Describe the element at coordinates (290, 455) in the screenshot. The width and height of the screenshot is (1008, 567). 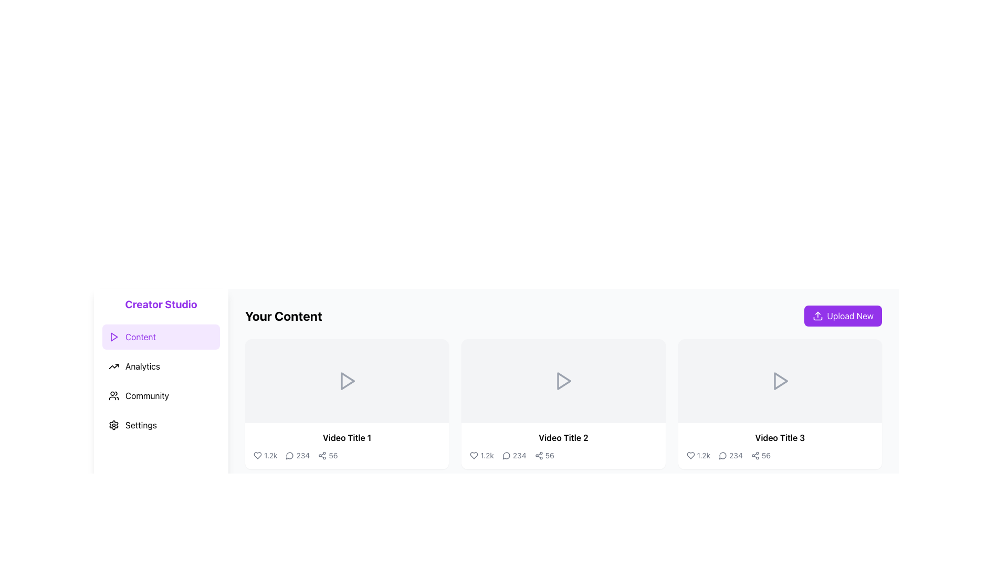
I see `the speech bubble icon located in the bottom-left of the video's details section to interact with the comments` at that location.